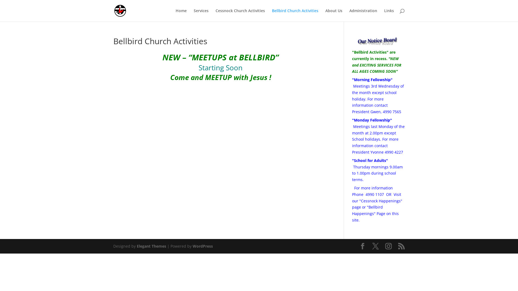 This screenshot has width=518, height=291. What do you see at coordinates (215, 15) in the screenshot?
I see `'Cessnock Church Activities'` at bounding box center [215, 15].